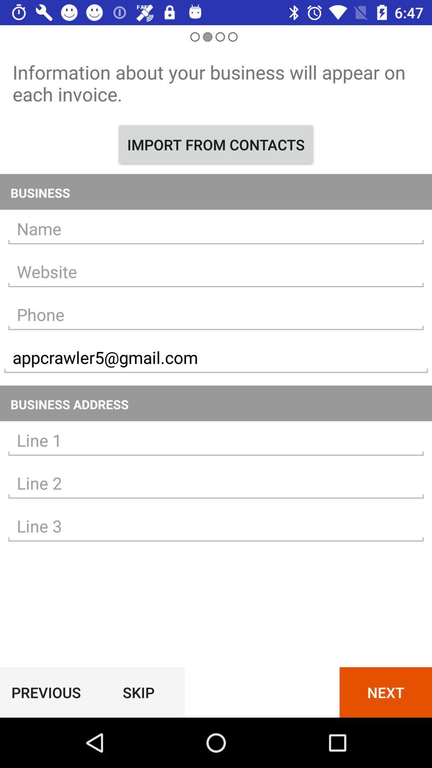 This screenshot has height=768, width=432. Describe the element at coordinates (216, 272) in the screenshot. I see `business website` at that location.